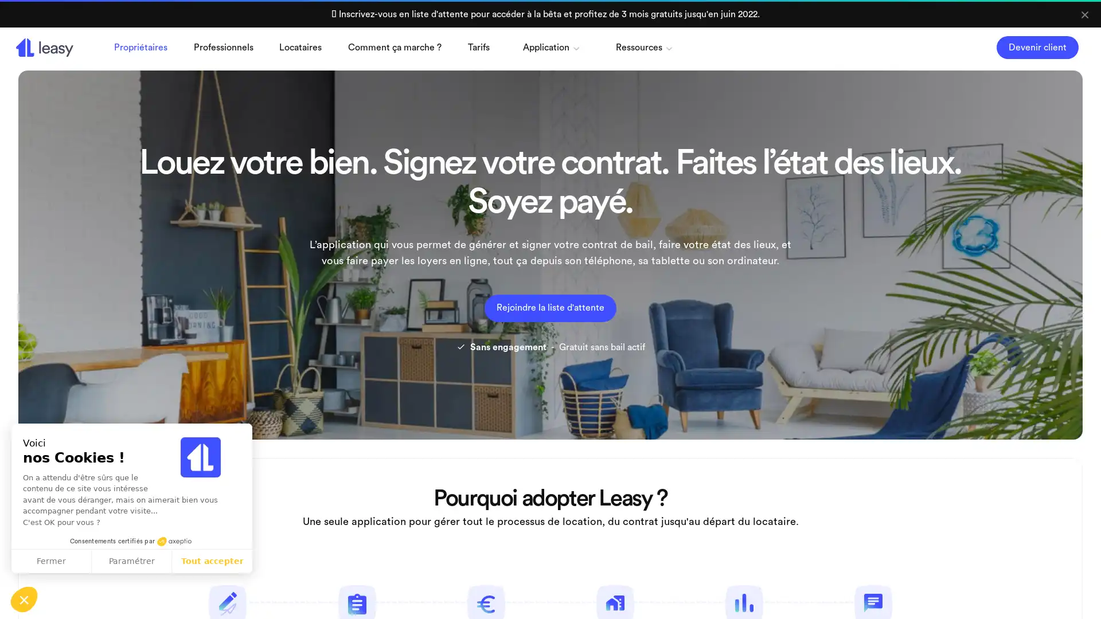 The height and width of the screenshot is (619, 1101). I want to click on Continuer sans accepter, so click(24, 598).